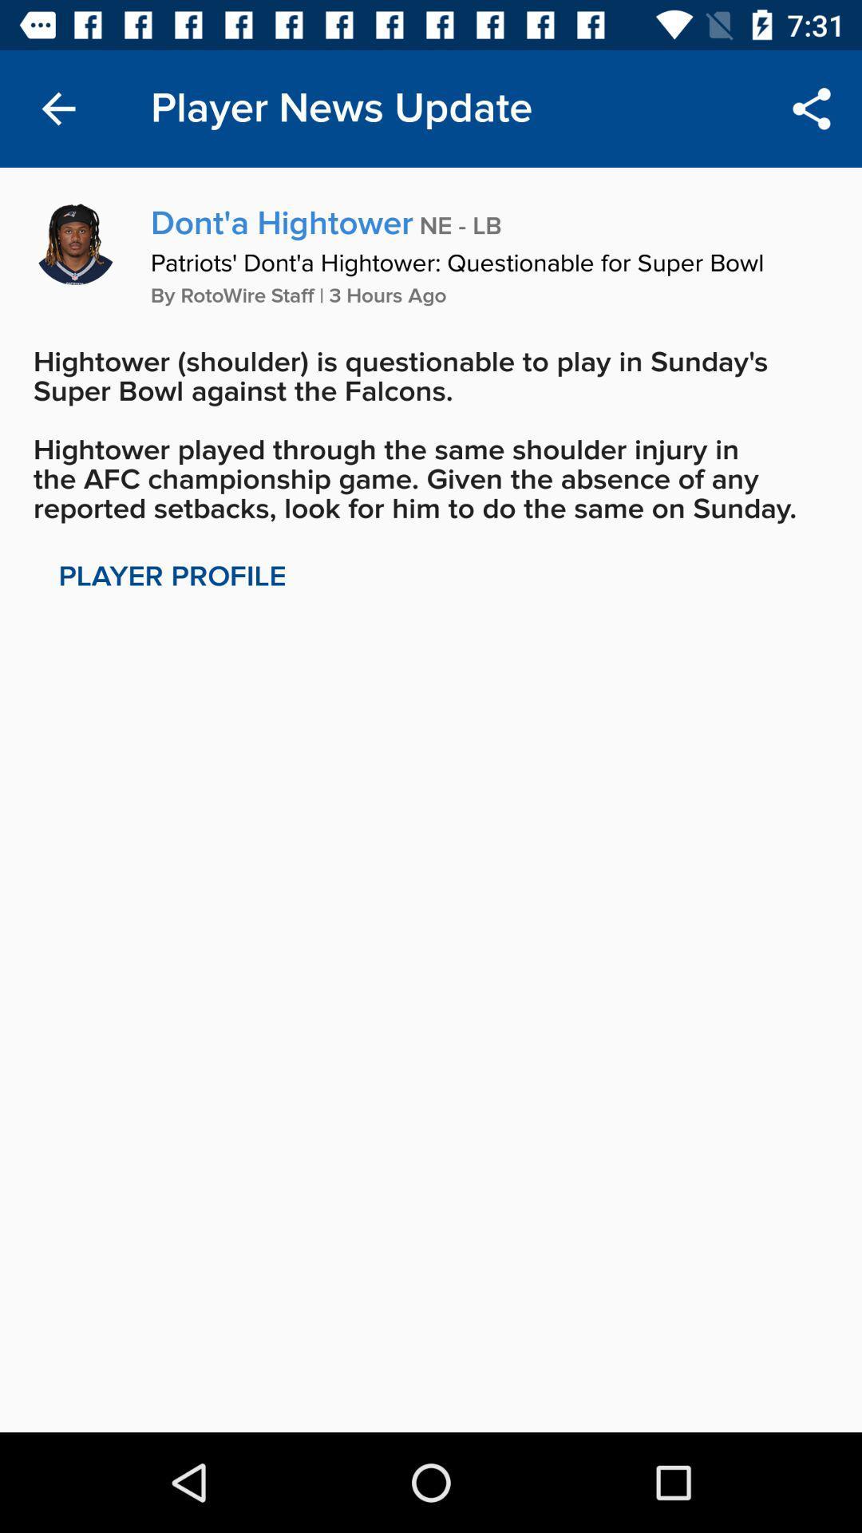  I want to click on the item to the left of the player news update, so click(57, 108).